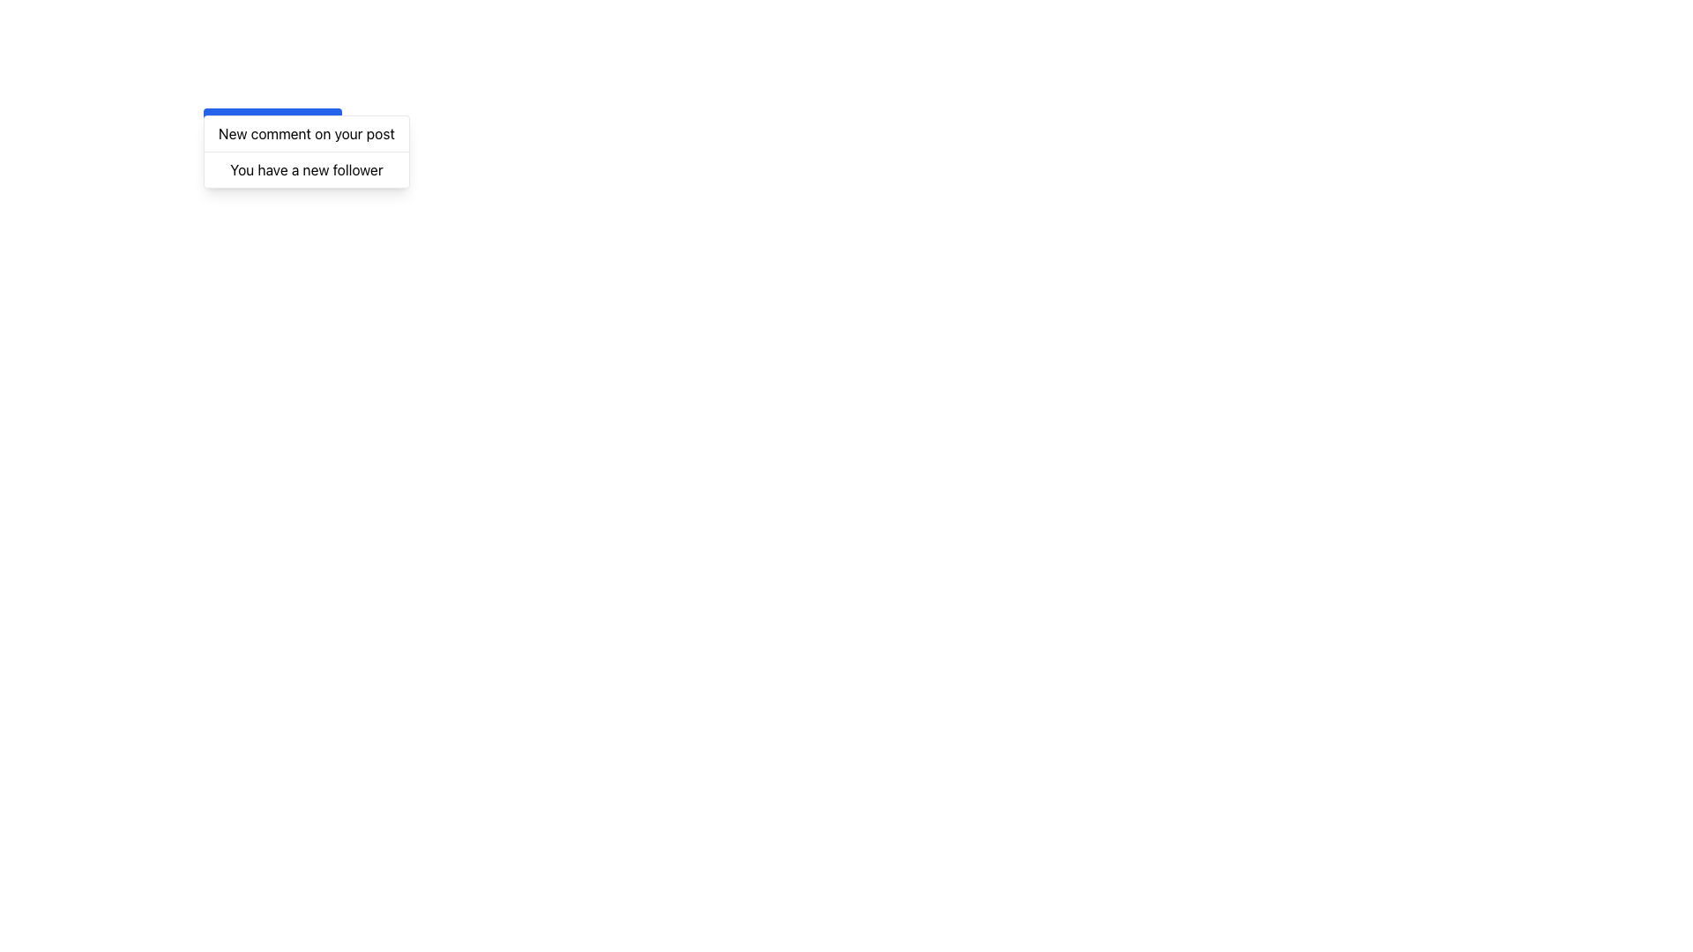 The width and height of the screenshot is (1693, 952). Describe the element at coordinates (306, 132) in the screenshot. I see `the static text label that notifies the user about a new comment on their post, which is the first item in the vertical list of notifications` at that location.